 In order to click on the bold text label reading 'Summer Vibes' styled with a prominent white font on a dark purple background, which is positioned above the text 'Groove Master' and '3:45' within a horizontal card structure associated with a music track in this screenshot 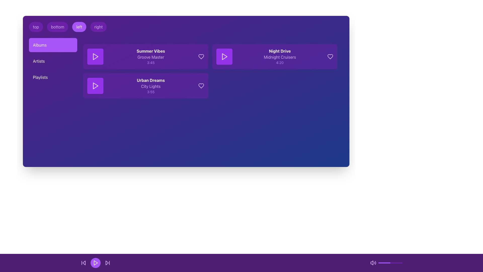, I will do `click(150, 51)`.